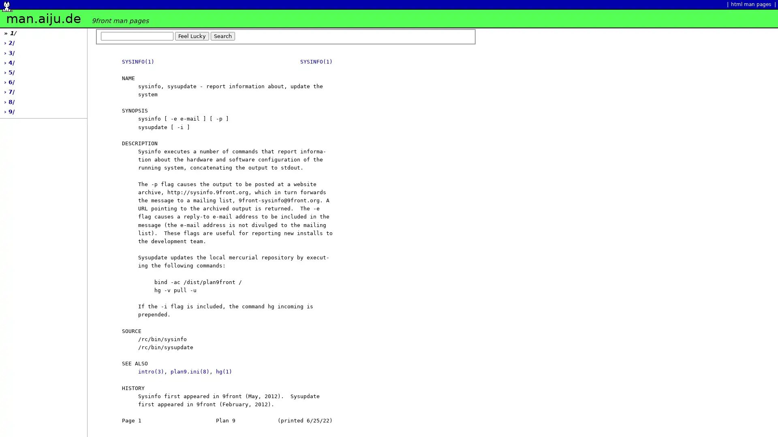 The image size is (778, 437). What do you see at coordinates (223, 35) in the screenshot?
I see `Search` at bounding box center [223, 35].